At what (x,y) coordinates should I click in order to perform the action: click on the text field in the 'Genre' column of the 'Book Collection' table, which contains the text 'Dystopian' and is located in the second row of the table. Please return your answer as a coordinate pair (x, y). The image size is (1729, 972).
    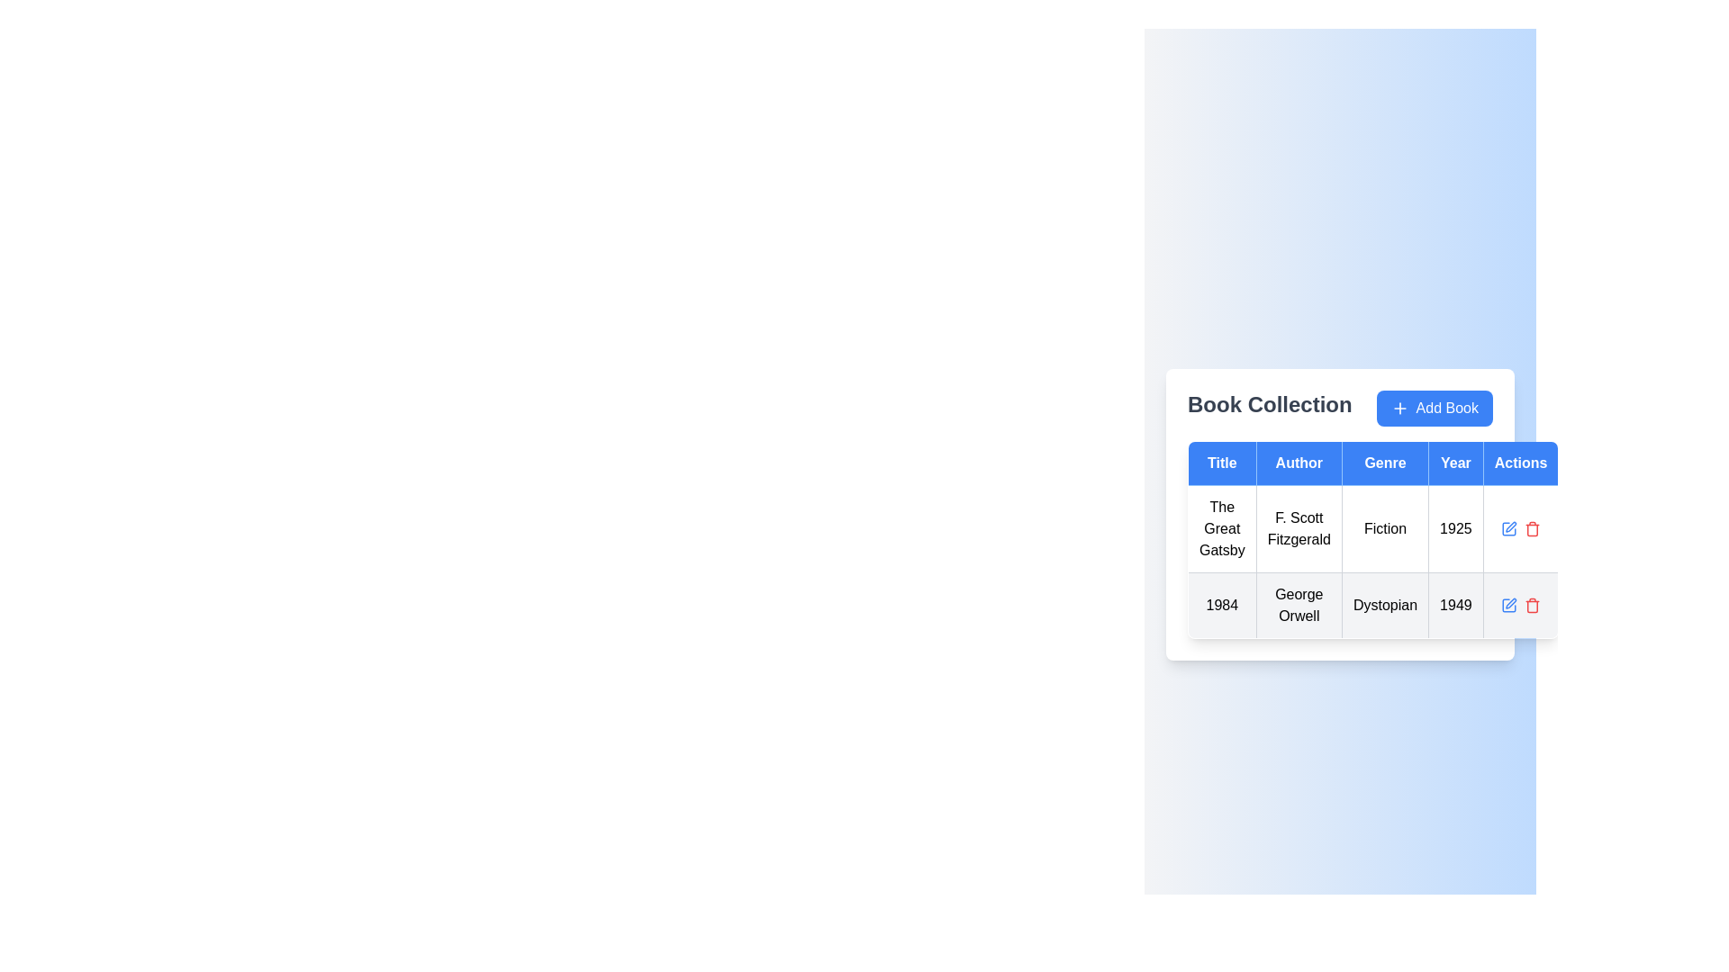
    Looking at the image, I should click on (1384, 605).